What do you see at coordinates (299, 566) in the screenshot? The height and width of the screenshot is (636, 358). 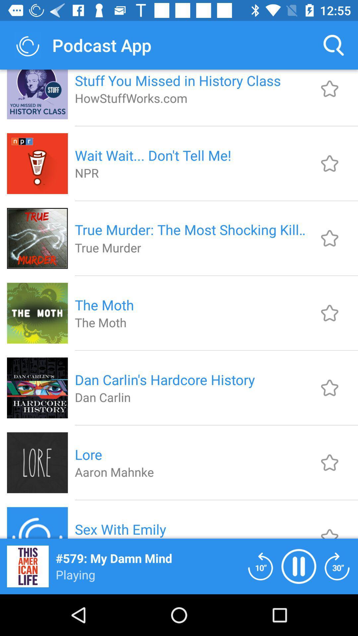 I see `the pause icon` at bounding box center [299, 566].